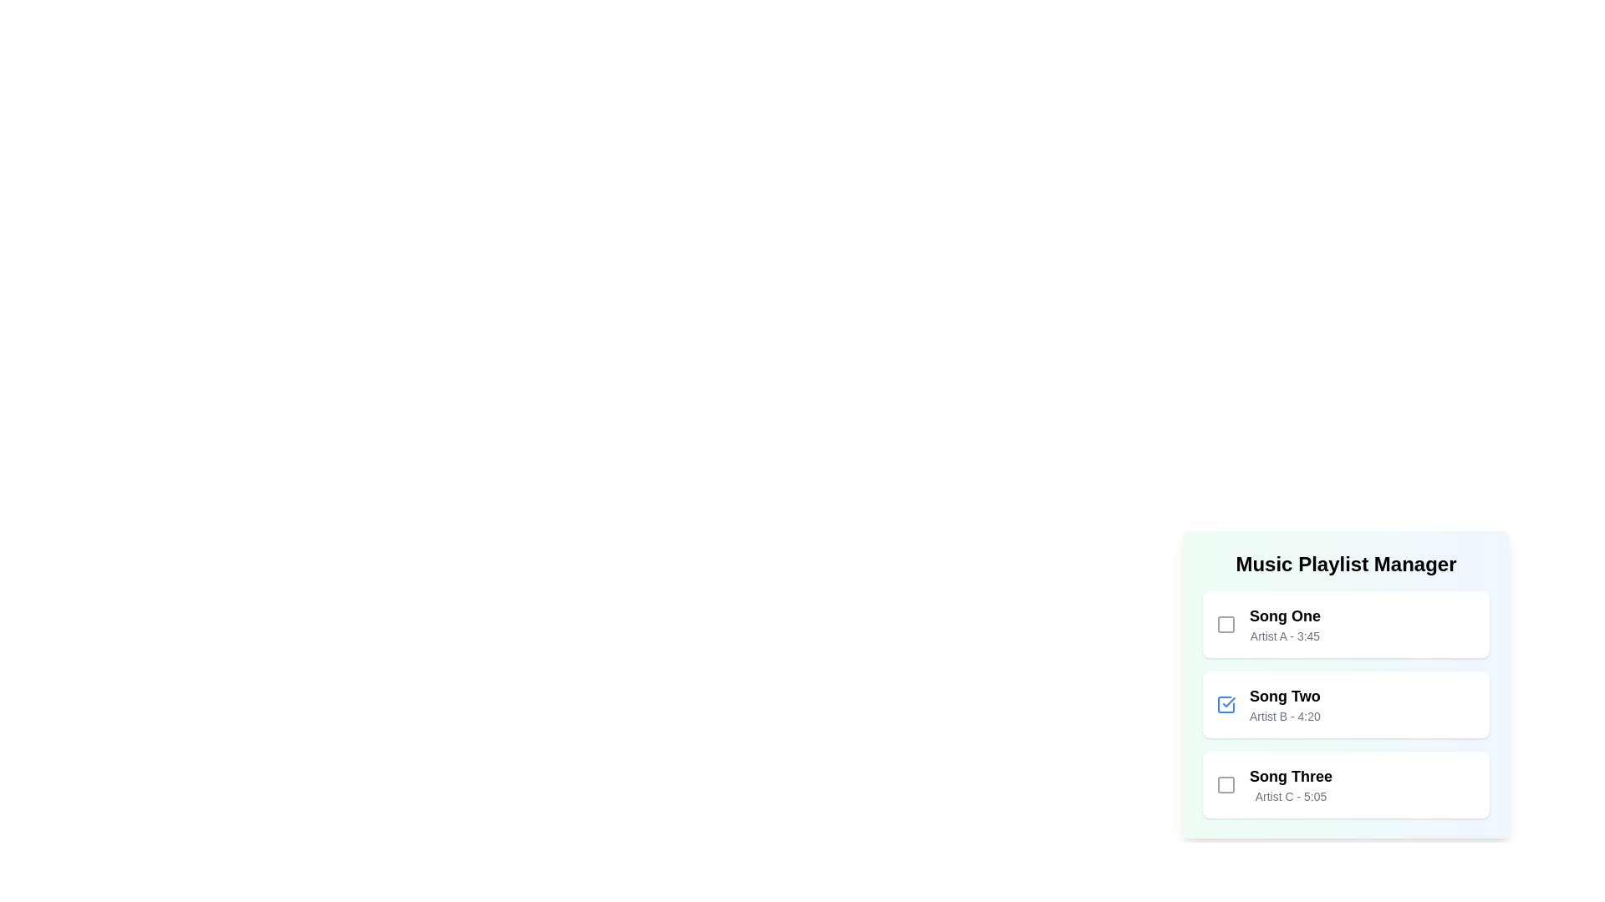  Describe the element at coordinates (1284, 696) in the screenshot. I see `text label 'Song Two' which is styled in a larger font size and bold weight, located in the music playlist interface as the second entry below 'Music Playlist Manager'` at that location.